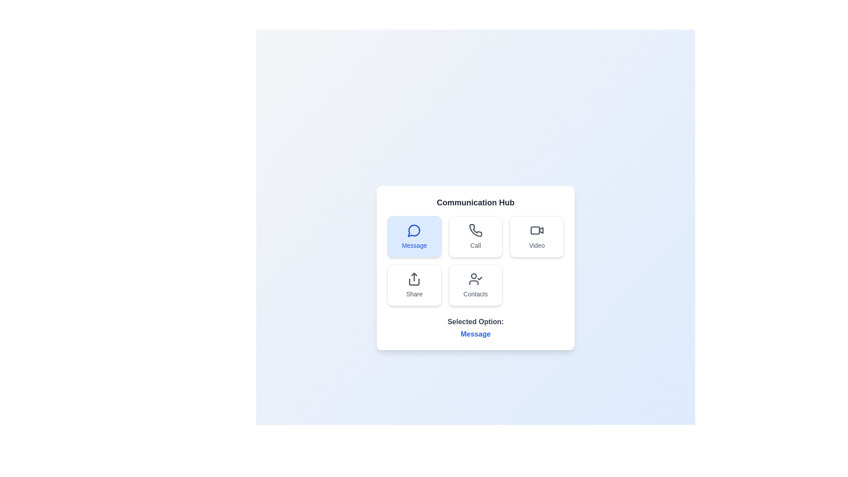 The width and height of the screenshot is (848, 477). Describe the element at coordinates (414, 236) in the screenshot. I see `the option Message in the Communication Hub` at that location.